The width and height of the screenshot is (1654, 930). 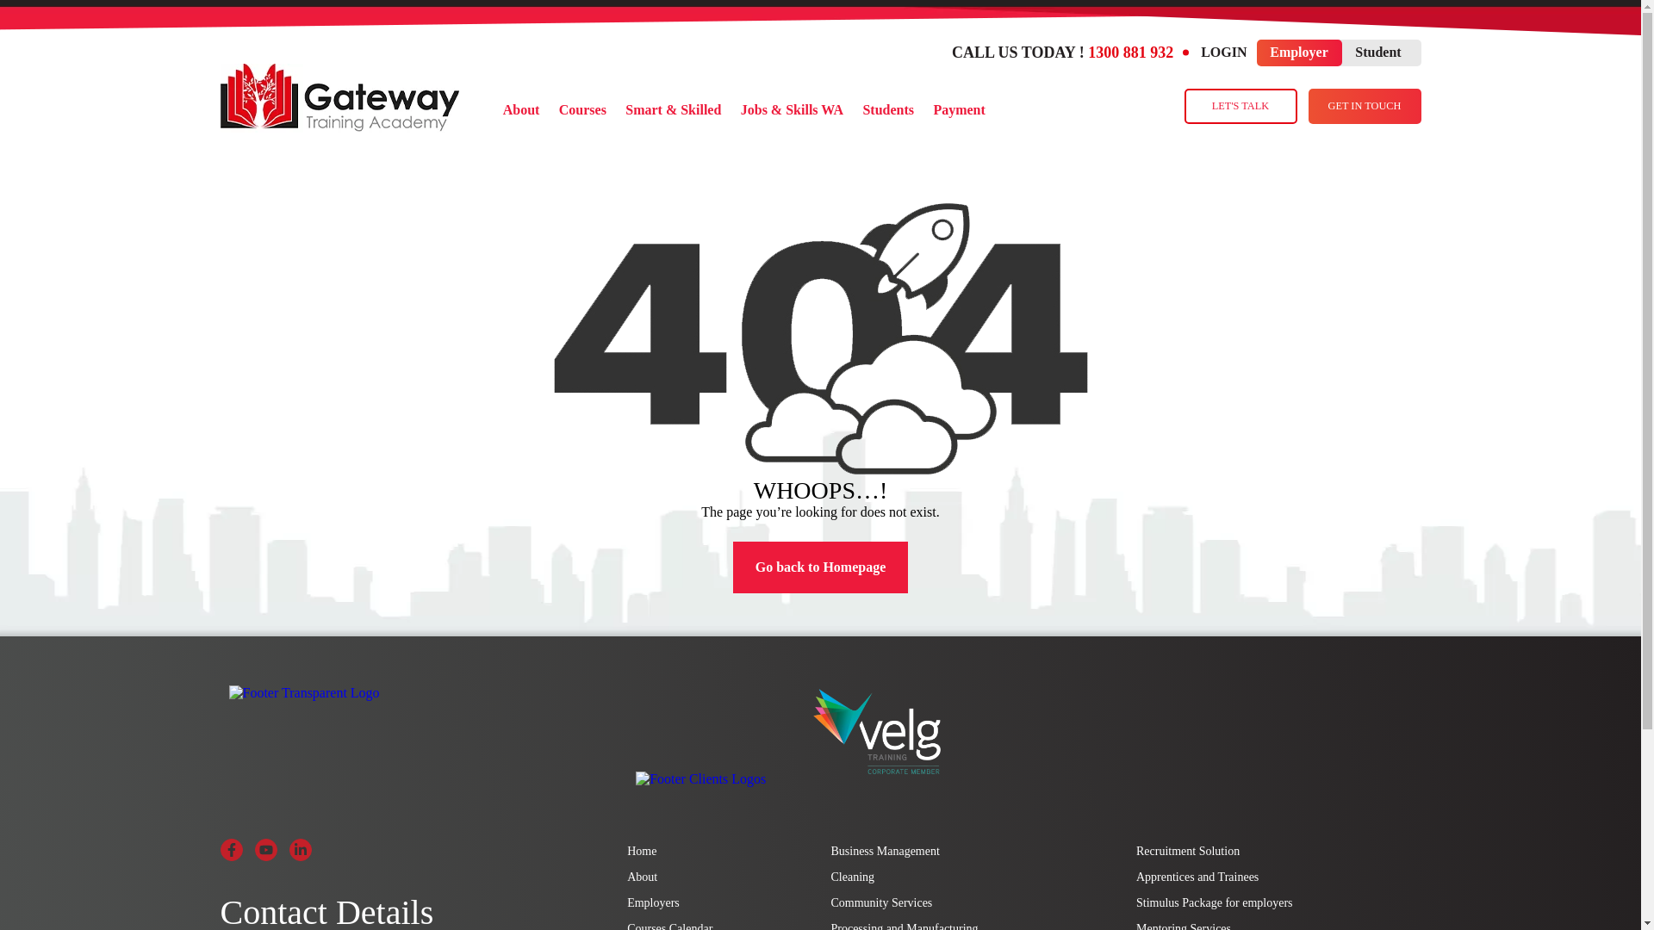 I want to click on 'Students', so click(x=888, y=109).